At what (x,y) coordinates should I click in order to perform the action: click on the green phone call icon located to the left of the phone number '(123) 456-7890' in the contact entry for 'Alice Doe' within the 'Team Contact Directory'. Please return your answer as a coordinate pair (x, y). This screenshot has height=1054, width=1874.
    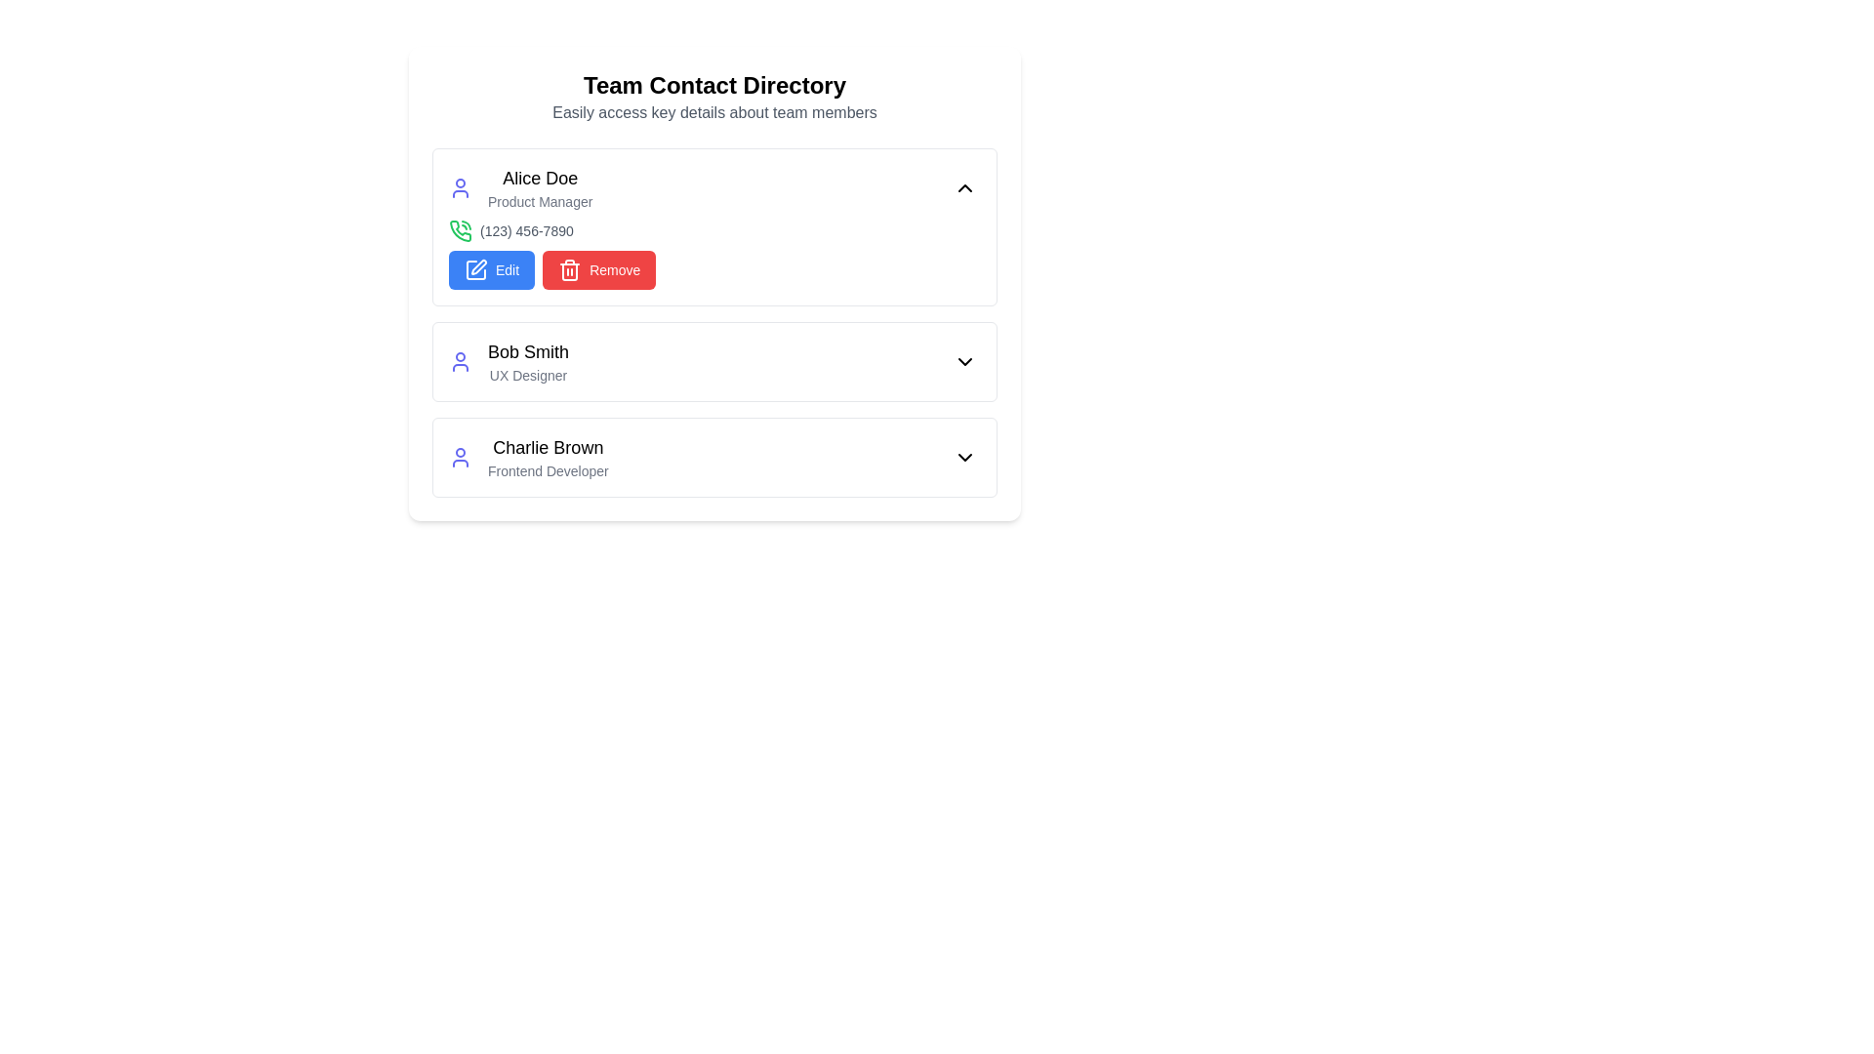
    Looking at the image, I should click on (460, 229).